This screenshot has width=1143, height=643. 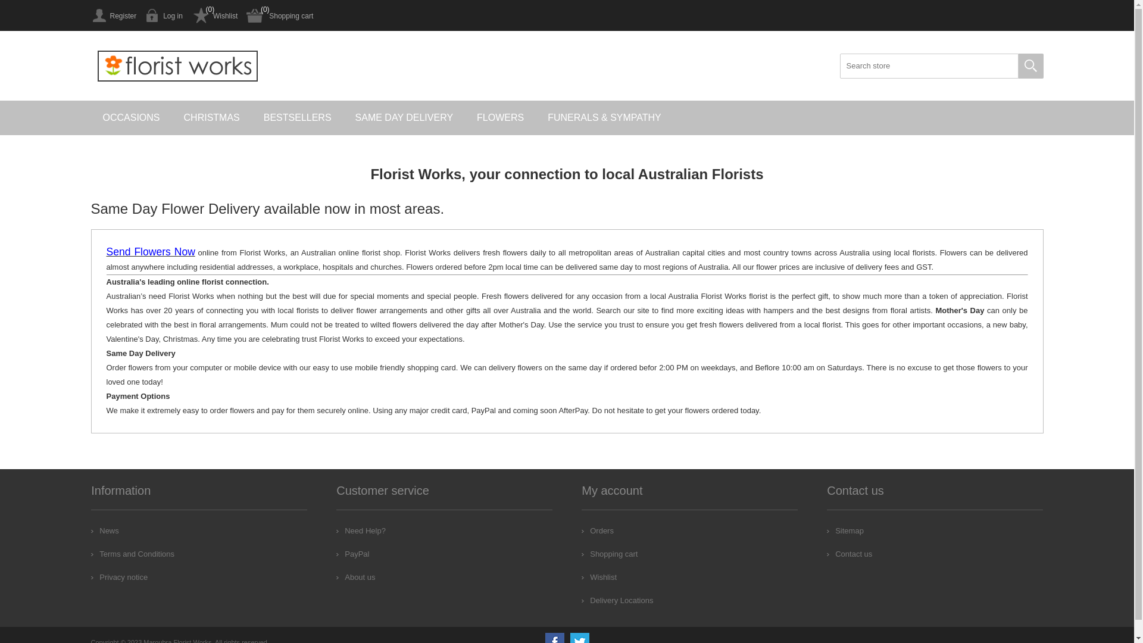 I want to click on 'BESTSELLERS', so click(x=297, y=117).